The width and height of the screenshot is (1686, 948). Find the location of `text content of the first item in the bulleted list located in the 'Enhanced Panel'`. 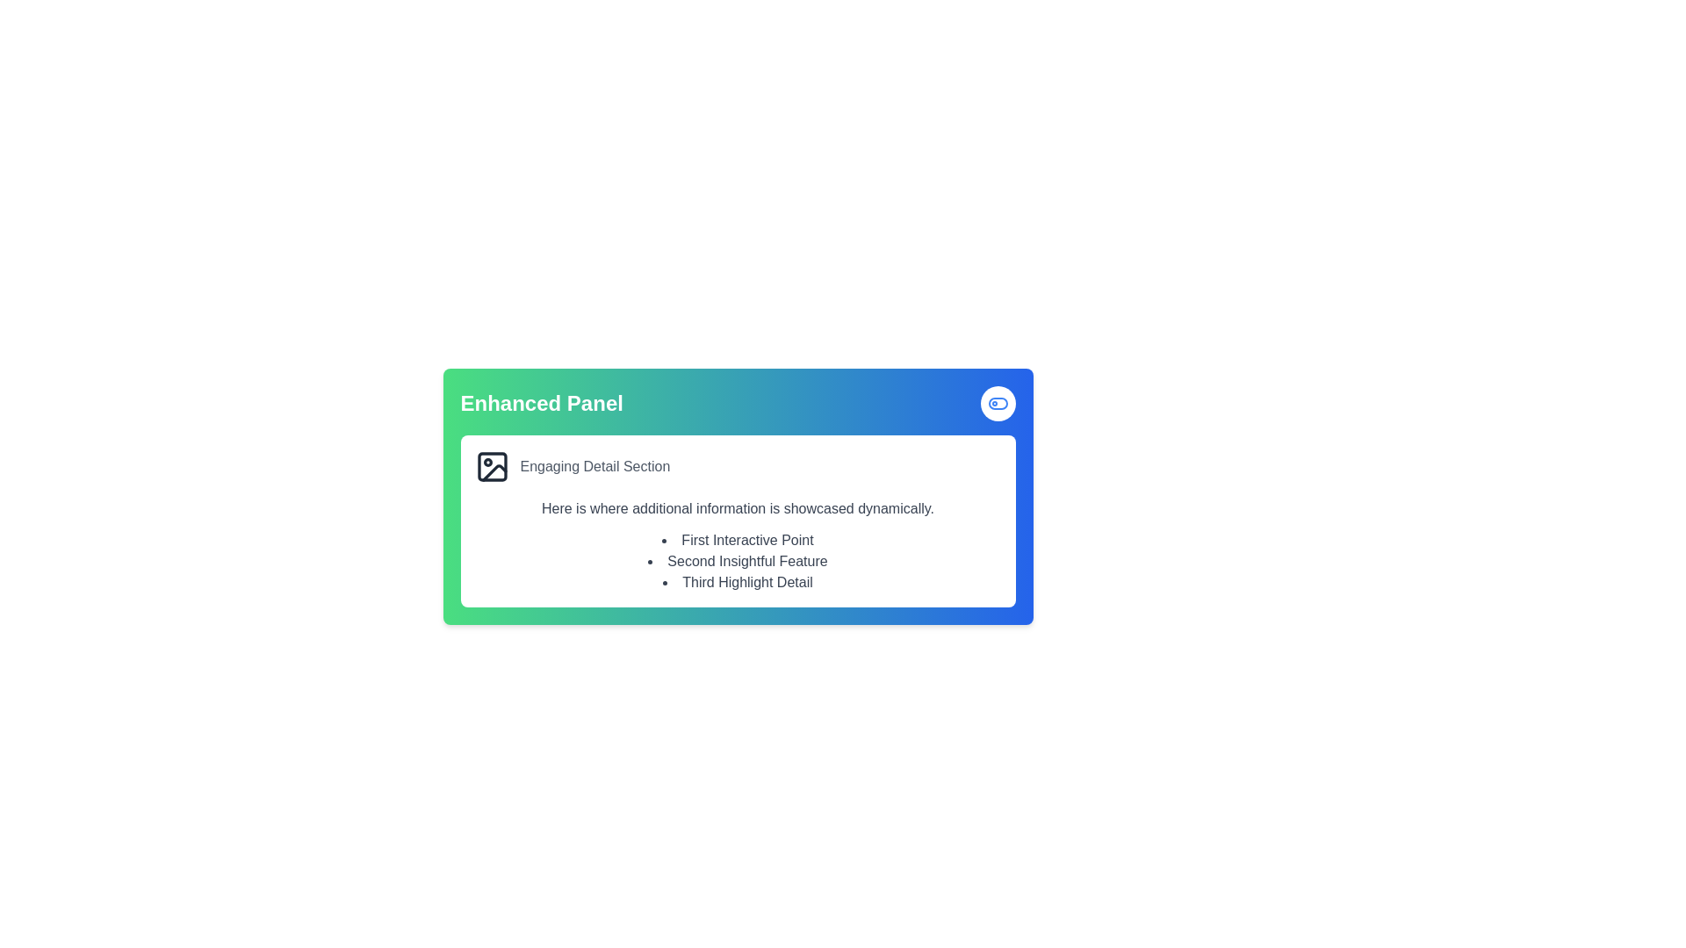

text content of the first item in the bulleted list located in the 'Enhanced Panel' is located at coordinates (738, 540).